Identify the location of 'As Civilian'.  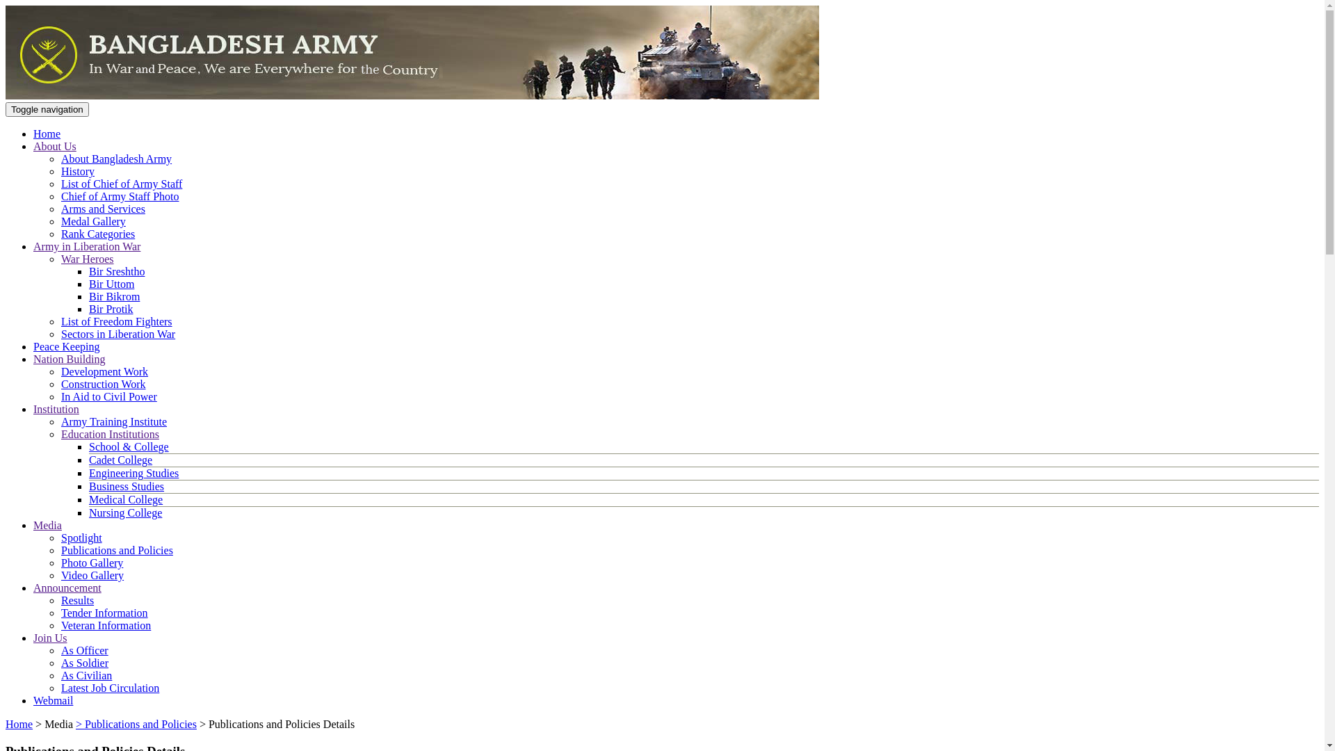
(86, 675).